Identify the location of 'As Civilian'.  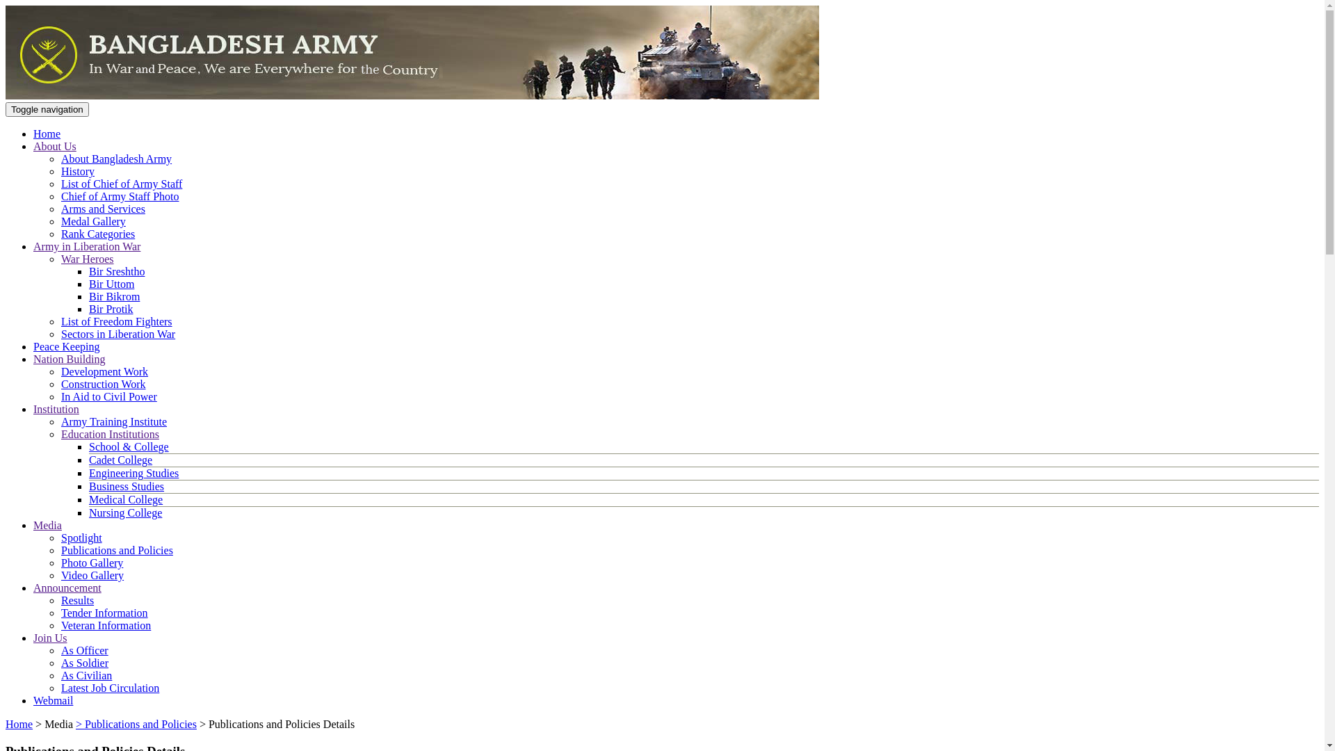
(86, 675).